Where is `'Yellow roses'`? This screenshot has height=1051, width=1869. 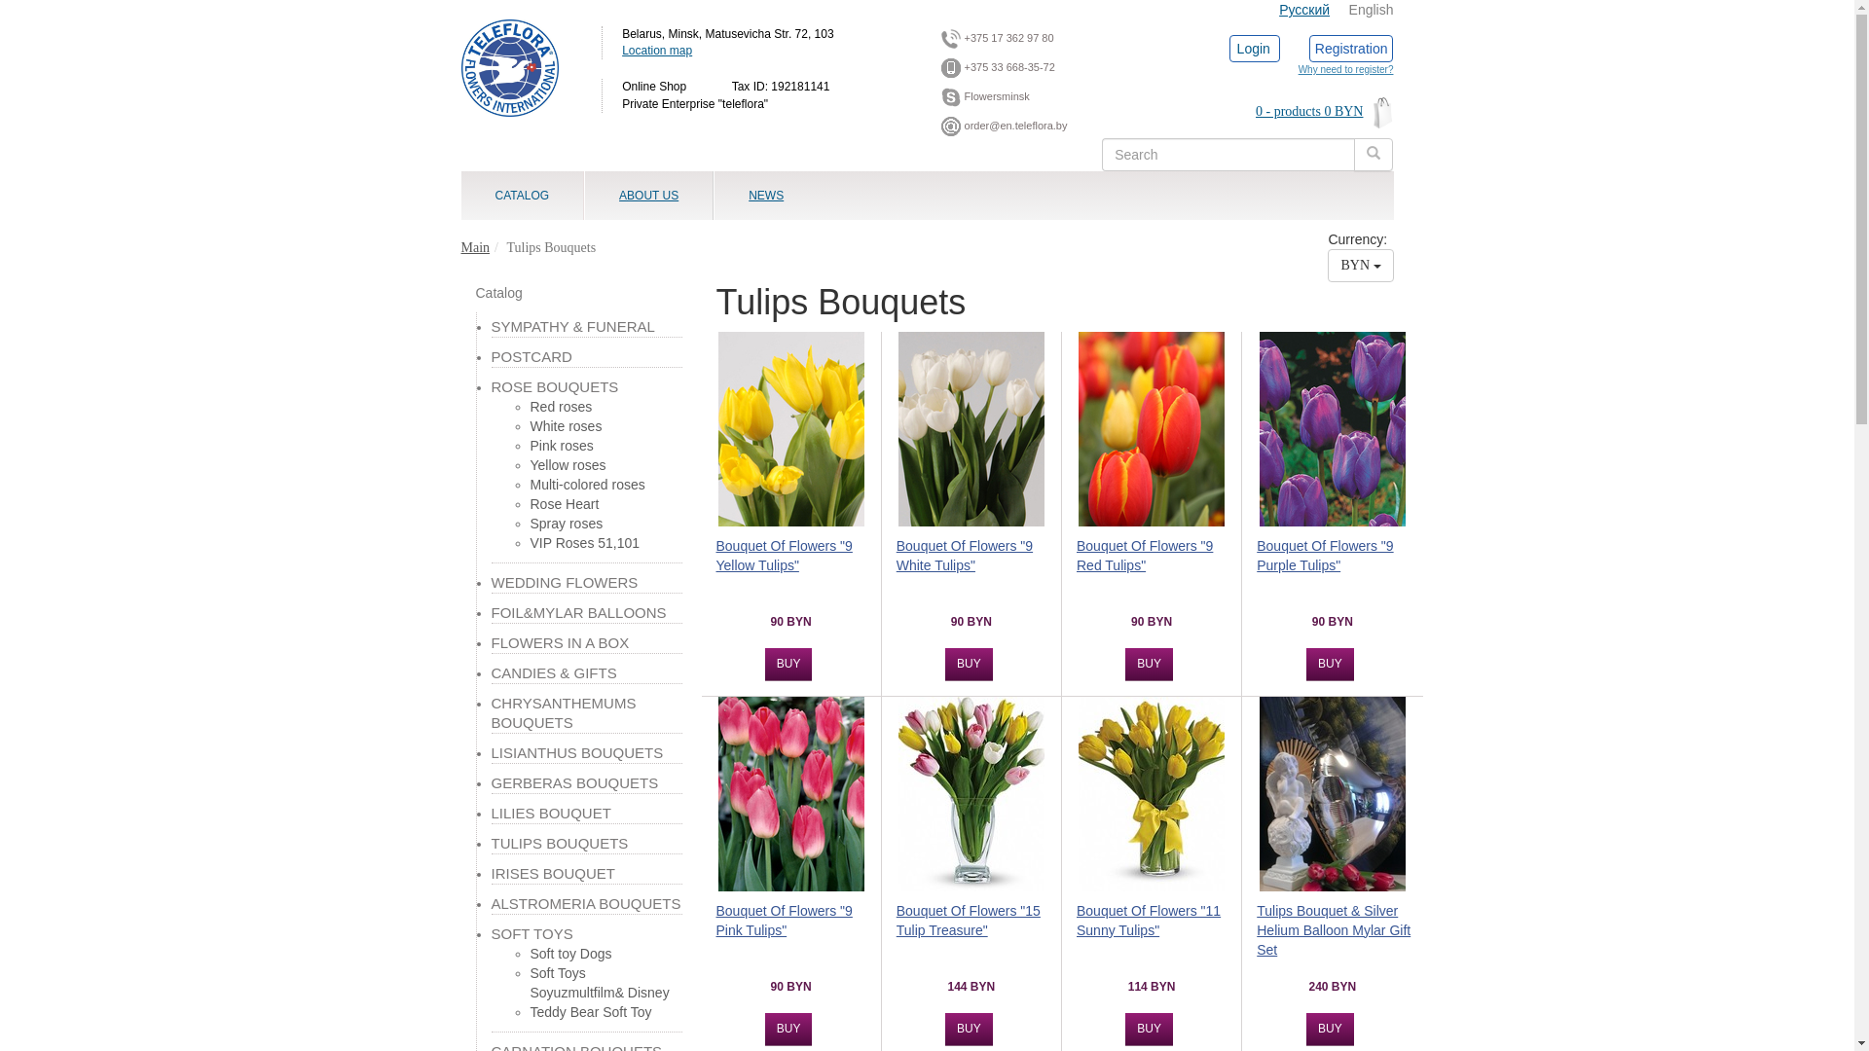 'Yellow roses' is located at coordinates (566, 465).